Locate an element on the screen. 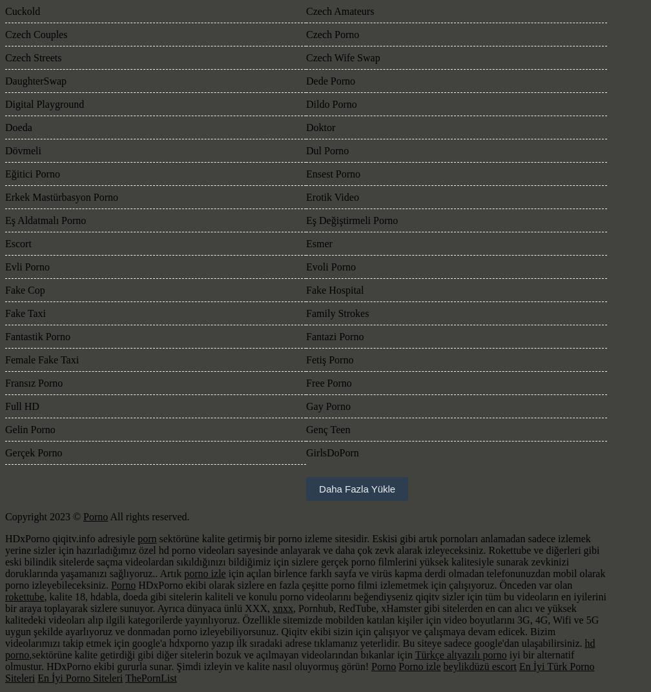  'ThePornList' is located at coordinates (150, 678).